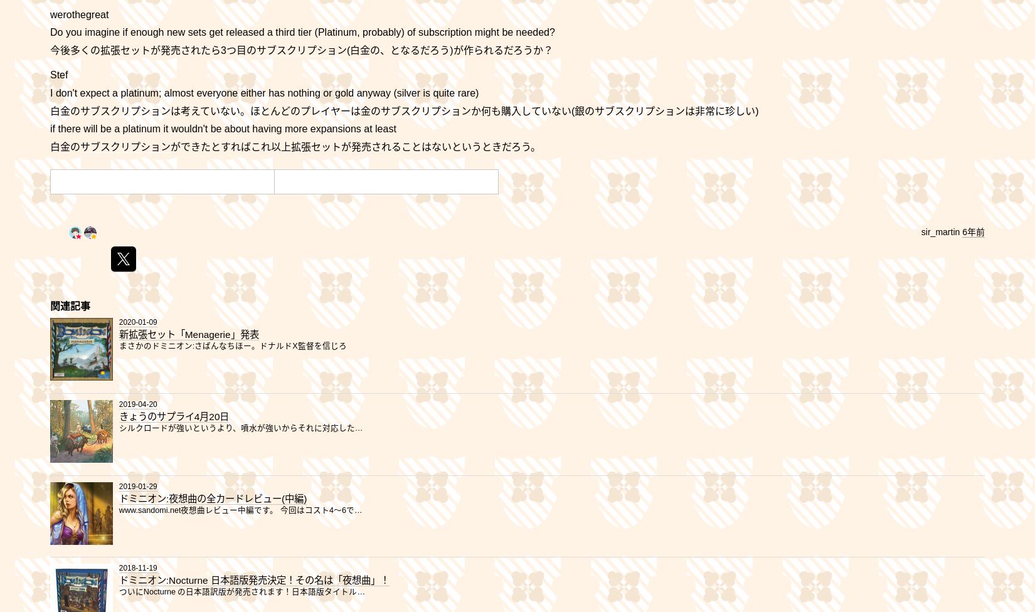 This screenshot has width=1035, height=612. What do you see at coordinates (240, 510) in the screenshot?
I see `'www.sandomi.net夜想曲レビュー中編です。 今回はコスト4～6で…'` at bounding box center [240, 510].